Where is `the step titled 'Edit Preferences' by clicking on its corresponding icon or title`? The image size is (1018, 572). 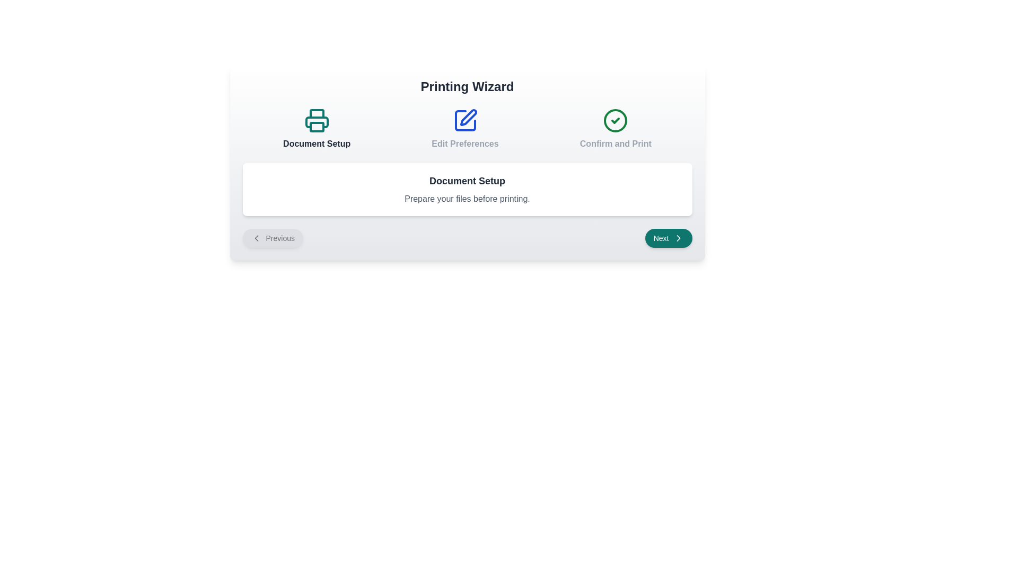 the step titled 'Edit Preferences' by clicking on its corresponding icon or title is located at coordinates (465, 128).